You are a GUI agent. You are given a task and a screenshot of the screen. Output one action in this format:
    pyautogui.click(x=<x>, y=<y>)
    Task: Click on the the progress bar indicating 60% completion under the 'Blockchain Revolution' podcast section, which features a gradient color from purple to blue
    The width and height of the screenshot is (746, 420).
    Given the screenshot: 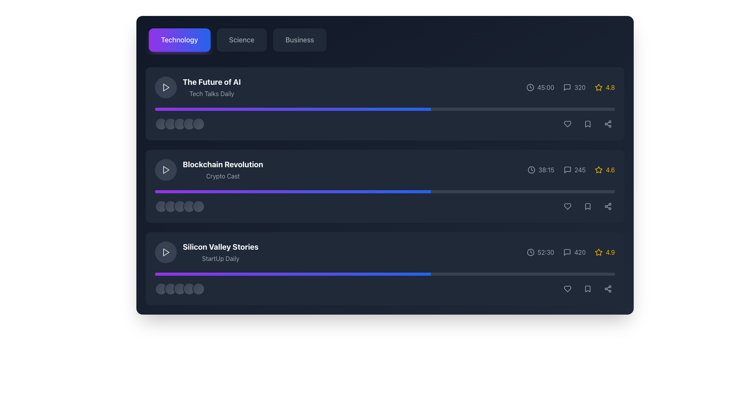 What is the action you would take?
    pyautogui.click(x=292, y=274)
    